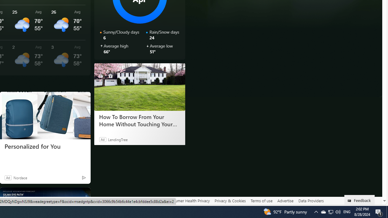 This screenshot has height=218, width=388. Describe the element at coordinates (285, 200) in the screenshot. I see `'Advertise'` at that location.